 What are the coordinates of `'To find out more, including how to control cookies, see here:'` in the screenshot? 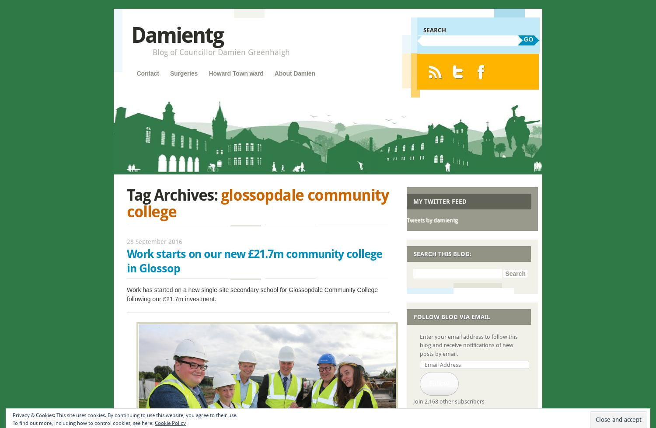 It's located at (83, 423).